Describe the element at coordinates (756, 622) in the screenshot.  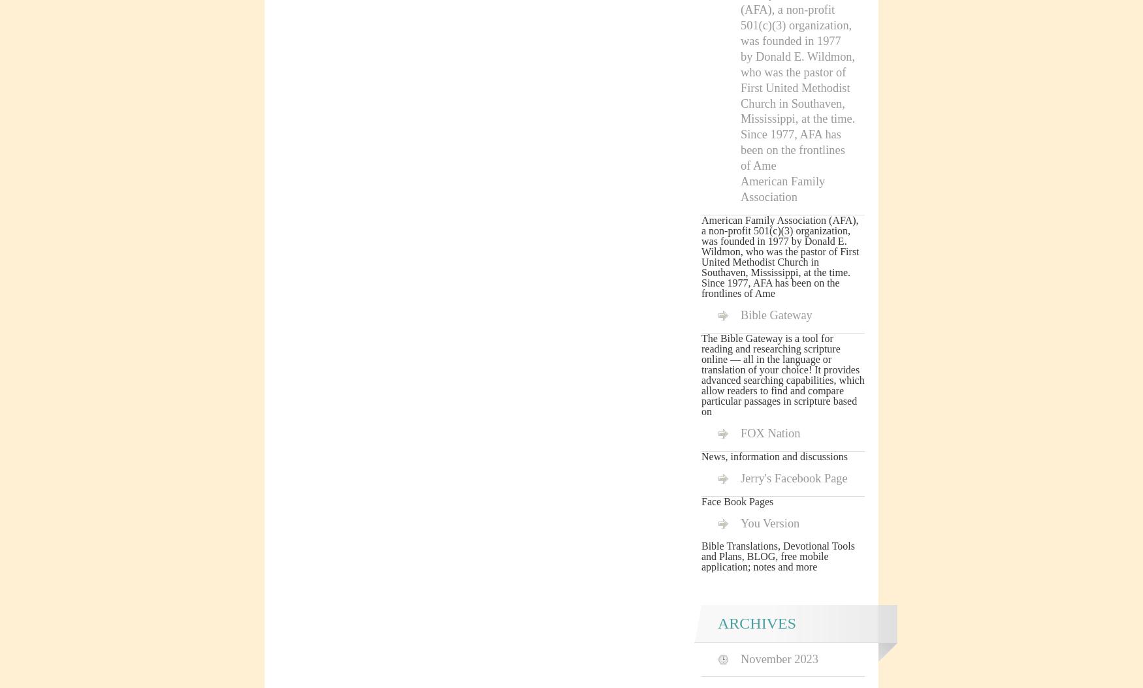
I see `'Archives'` at that location.